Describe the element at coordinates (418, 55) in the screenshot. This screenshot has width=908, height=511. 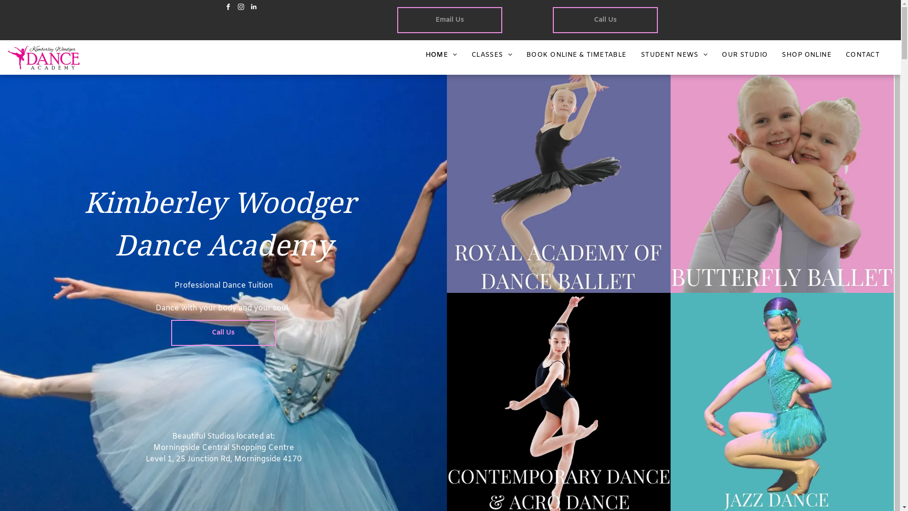
I see `'HOME'` at that location.